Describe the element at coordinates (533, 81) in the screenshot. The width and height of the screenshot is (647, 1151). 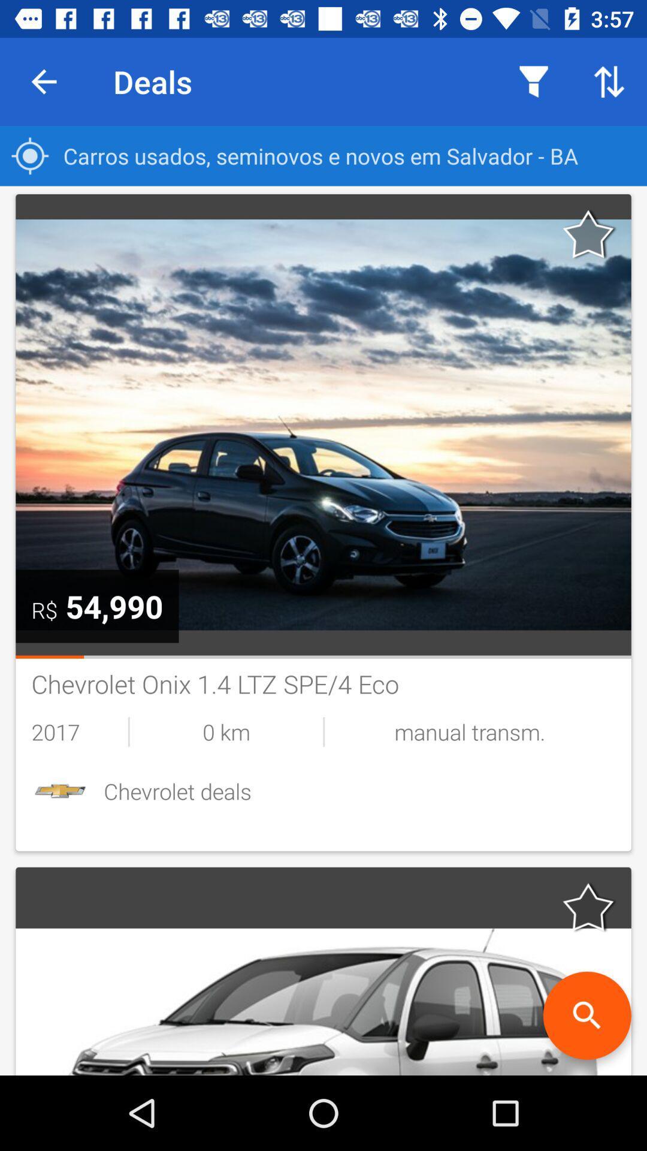
I see `the item above the carros usados seminovos` at that location.